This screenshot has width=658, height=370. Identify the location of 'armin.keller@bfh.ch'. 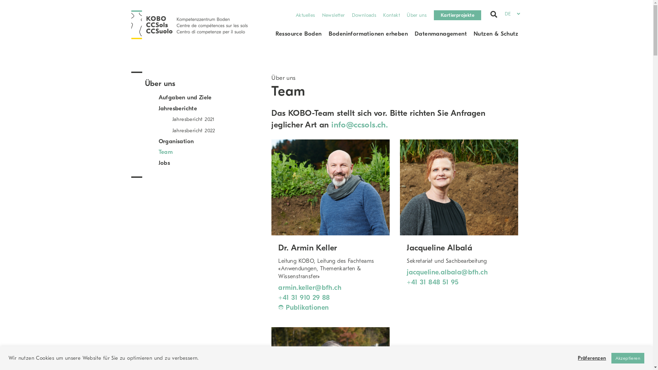
(309, 287).